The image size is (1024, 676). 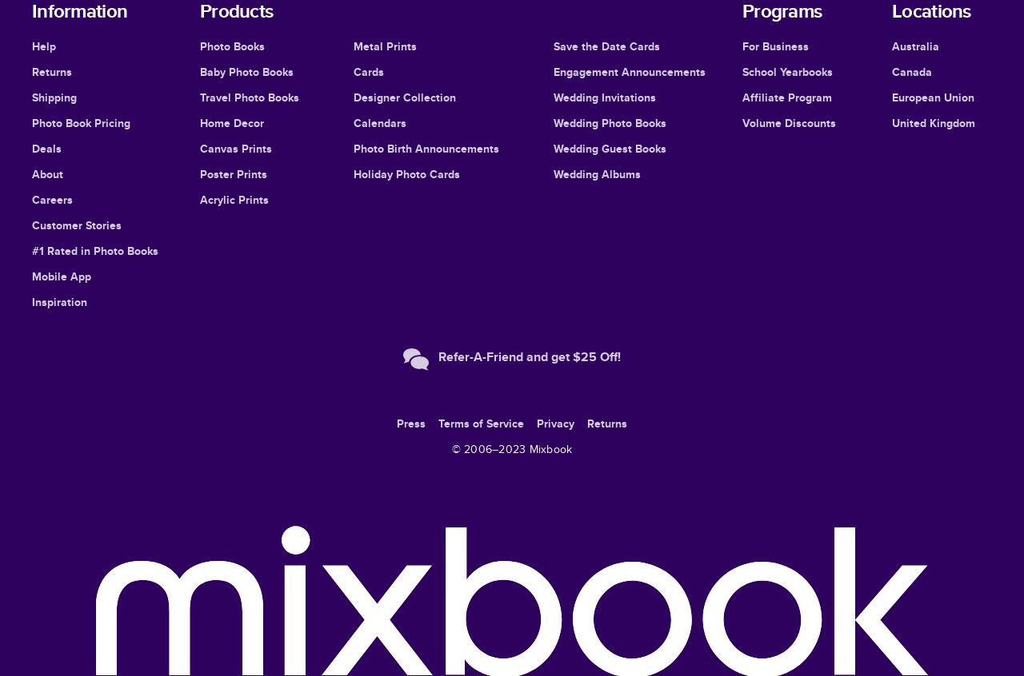 What do you see at coordinates (62, 276) in the screenshot?
I see `'Mobile App'` at bounding box center [62, 276].